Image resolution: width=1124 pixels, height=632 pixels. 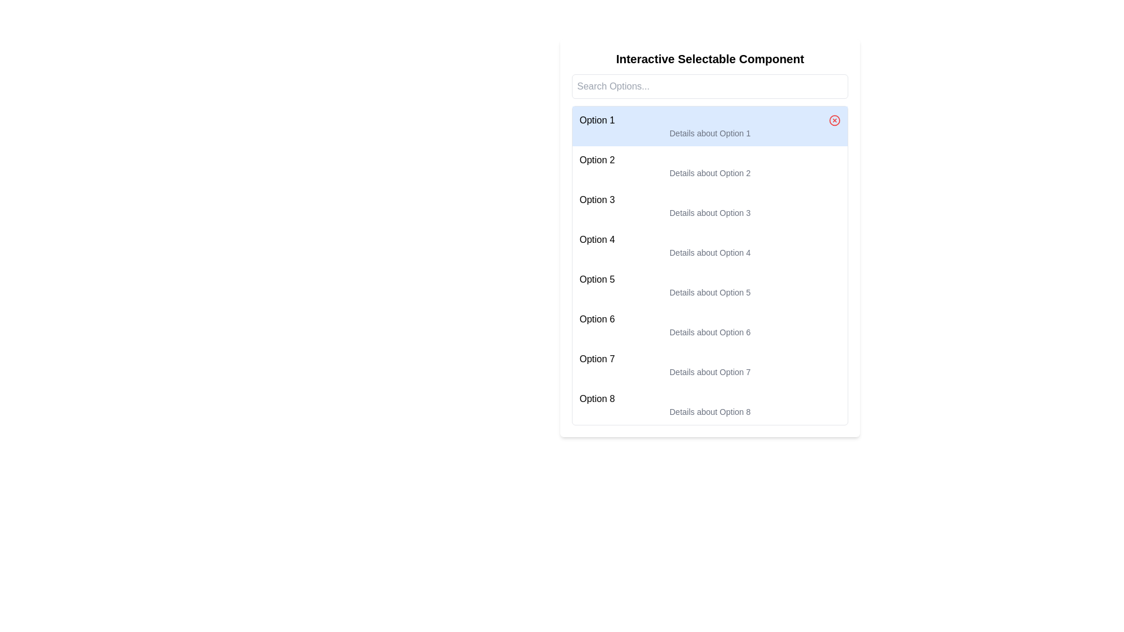 I want to click on the text label 'Option 6', so click(x=597, y=320).